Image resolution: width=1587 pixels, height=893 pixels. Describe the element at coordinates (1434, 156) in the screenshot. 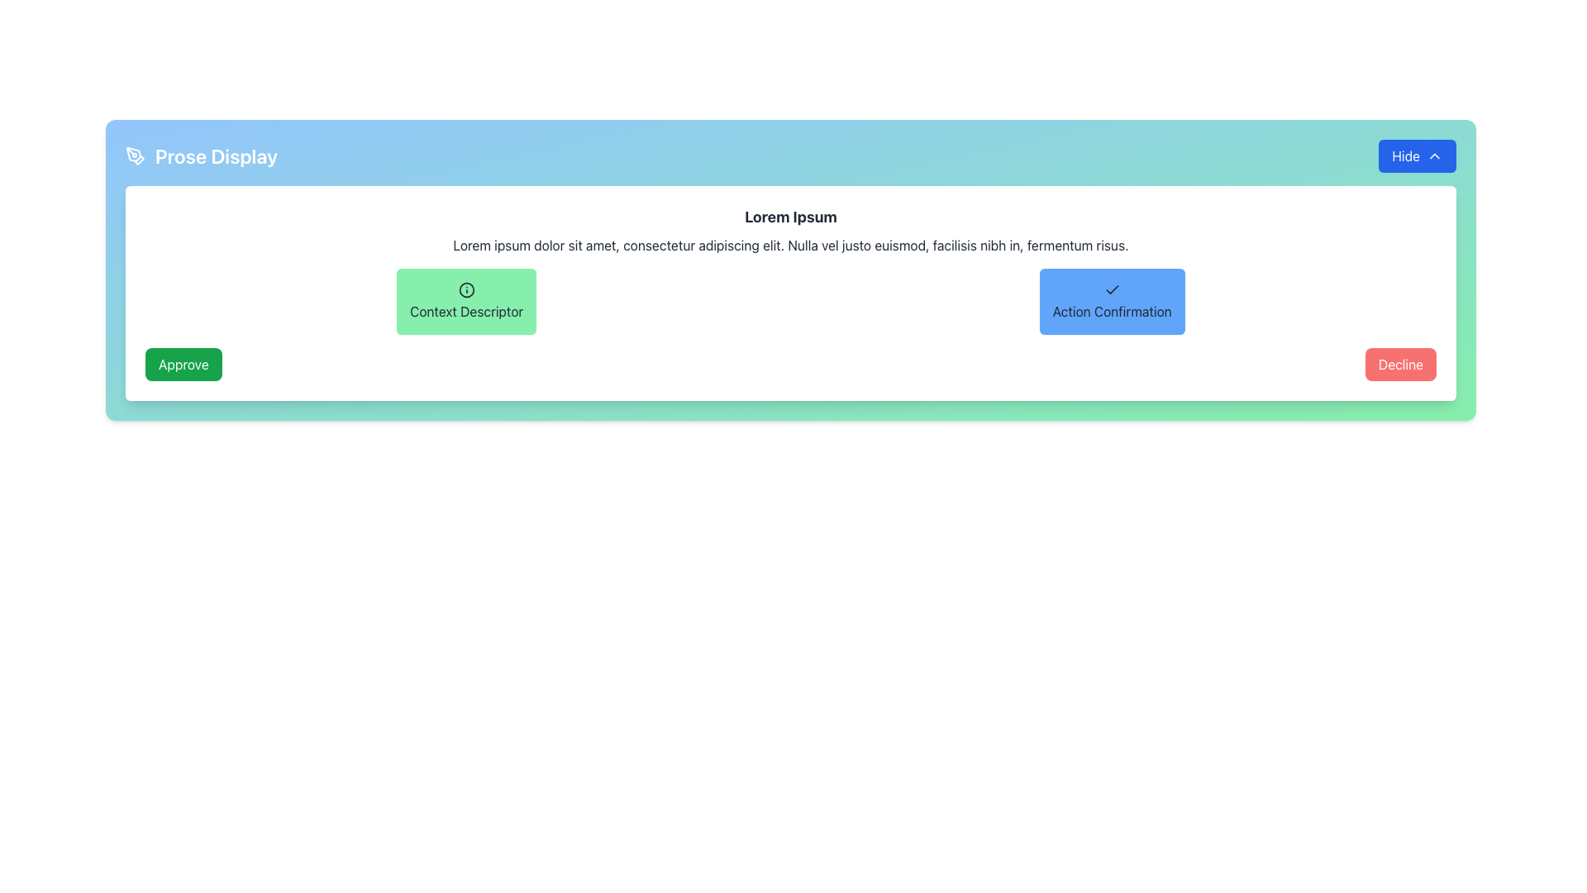

I see `the upward-pointing chevron icon on the 'Hide' button` at that location.